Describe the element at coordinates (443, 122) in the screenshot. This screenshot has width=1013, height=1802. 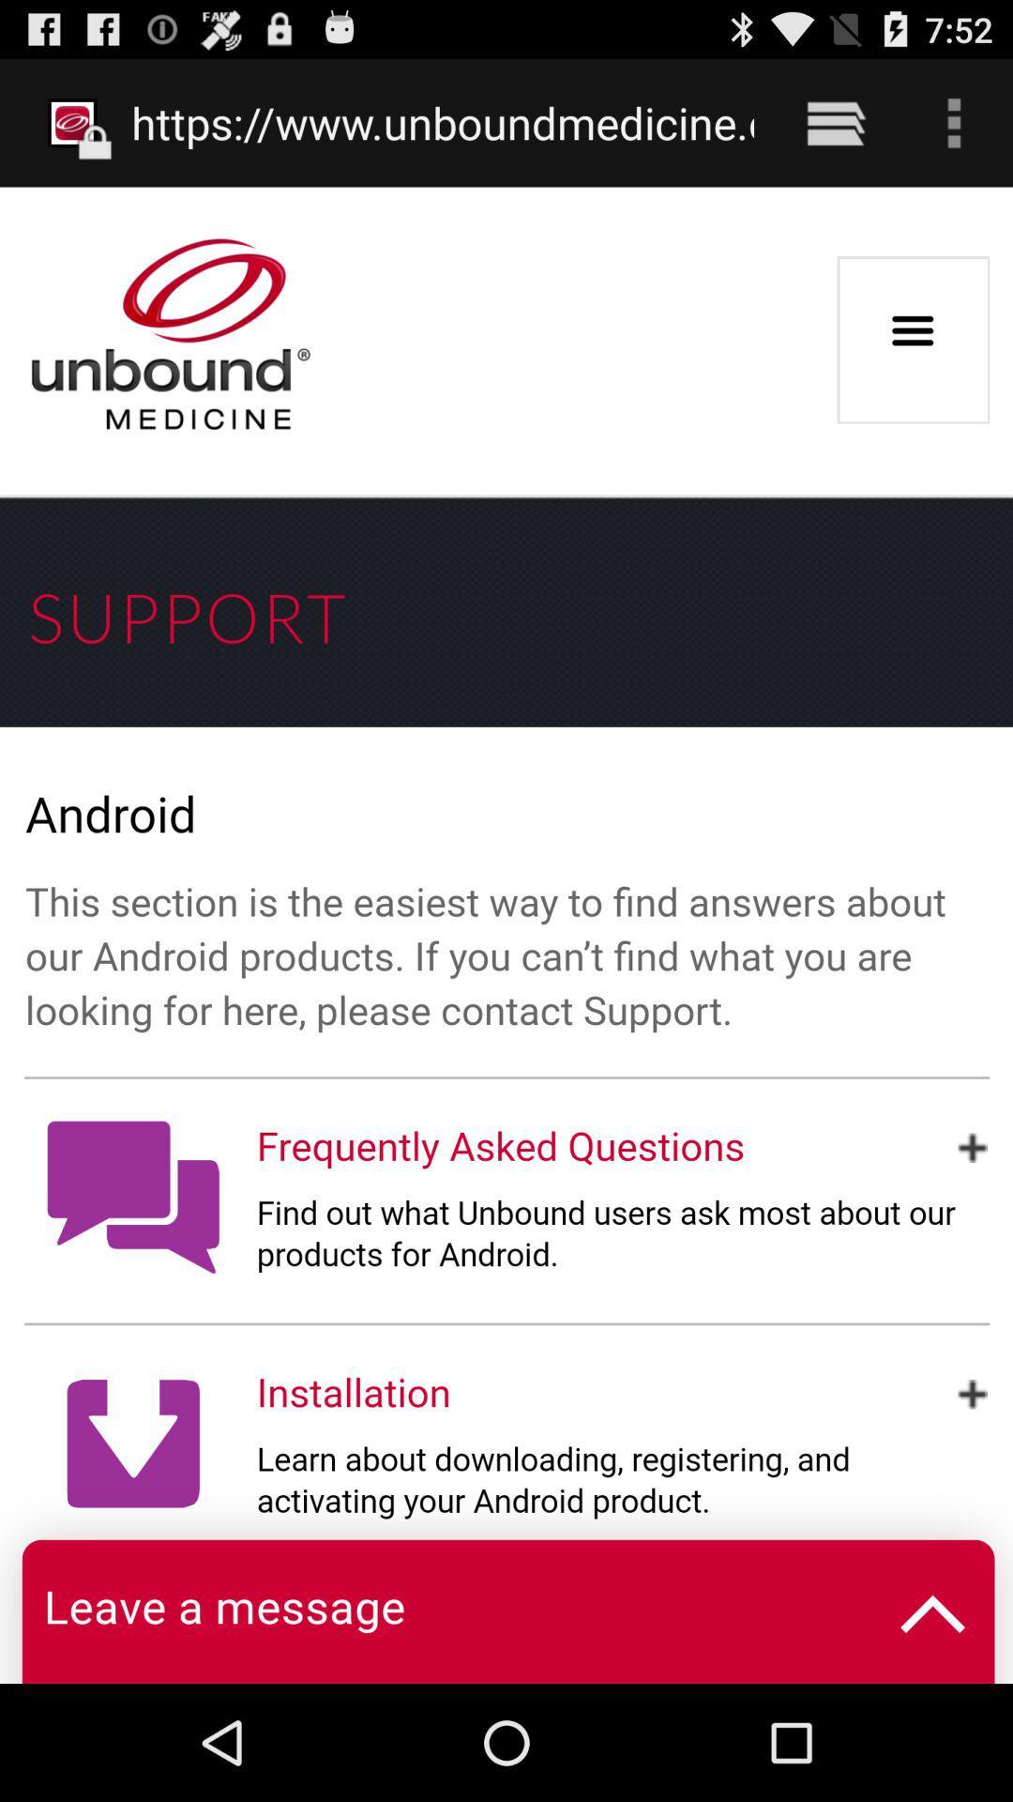
I see `the item at the top` at that location.